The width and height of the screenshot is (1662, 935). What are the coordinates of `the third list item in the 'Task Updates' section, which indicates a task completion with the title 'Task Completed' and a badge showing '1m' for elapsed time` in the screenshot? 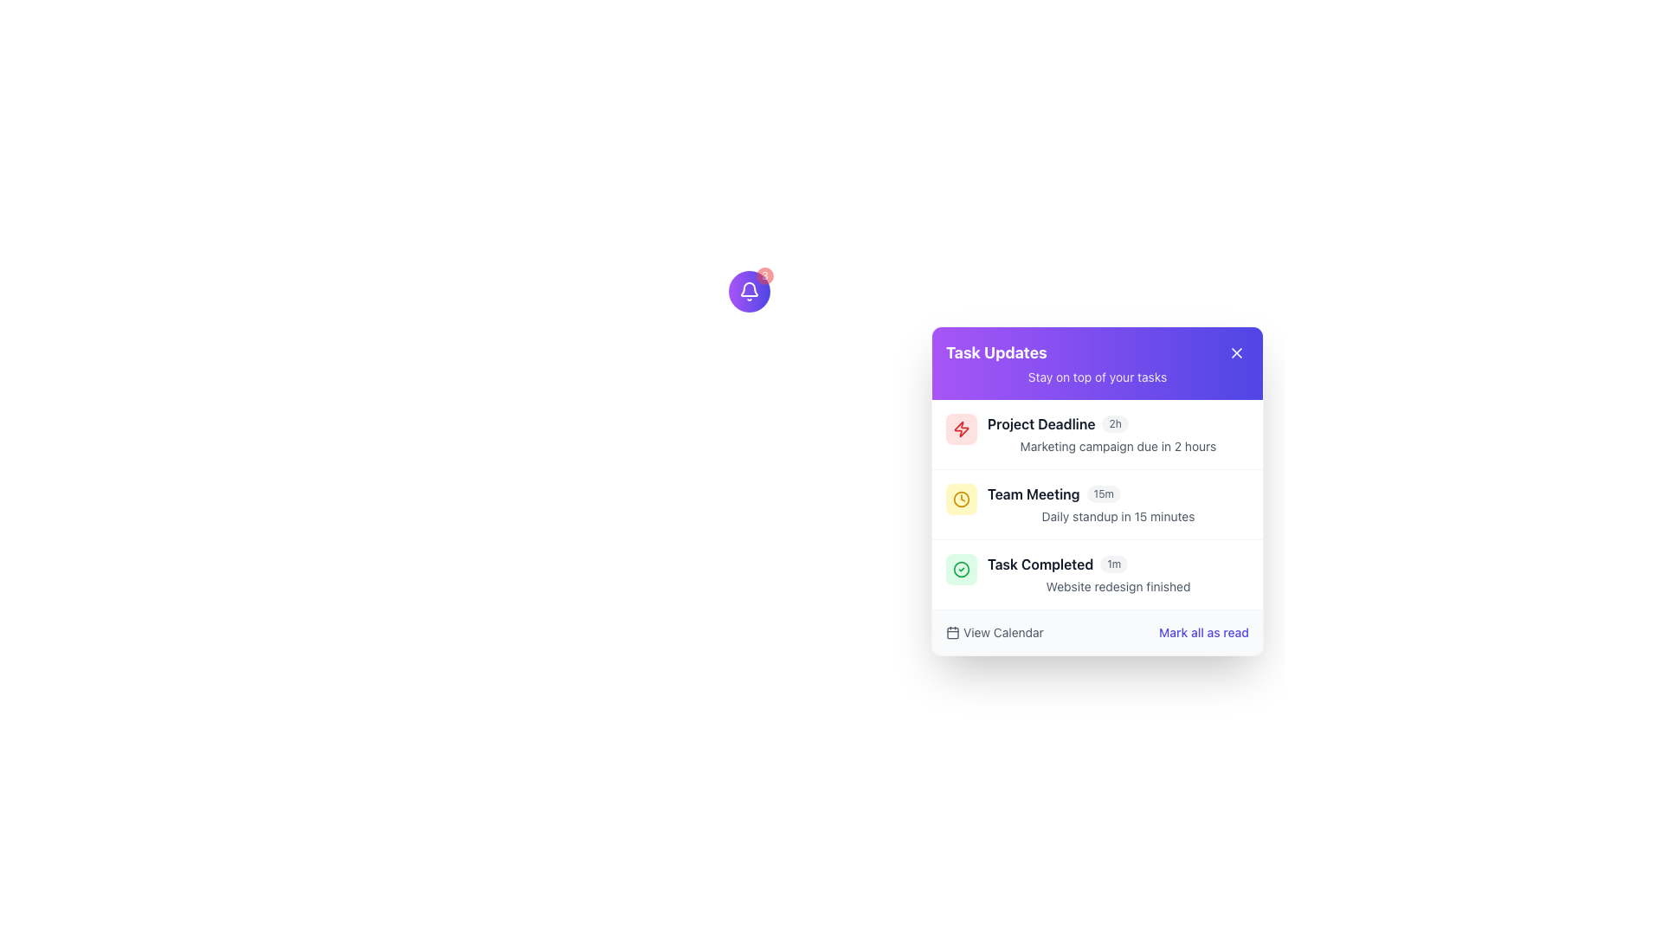 It's located at (1118, 564).